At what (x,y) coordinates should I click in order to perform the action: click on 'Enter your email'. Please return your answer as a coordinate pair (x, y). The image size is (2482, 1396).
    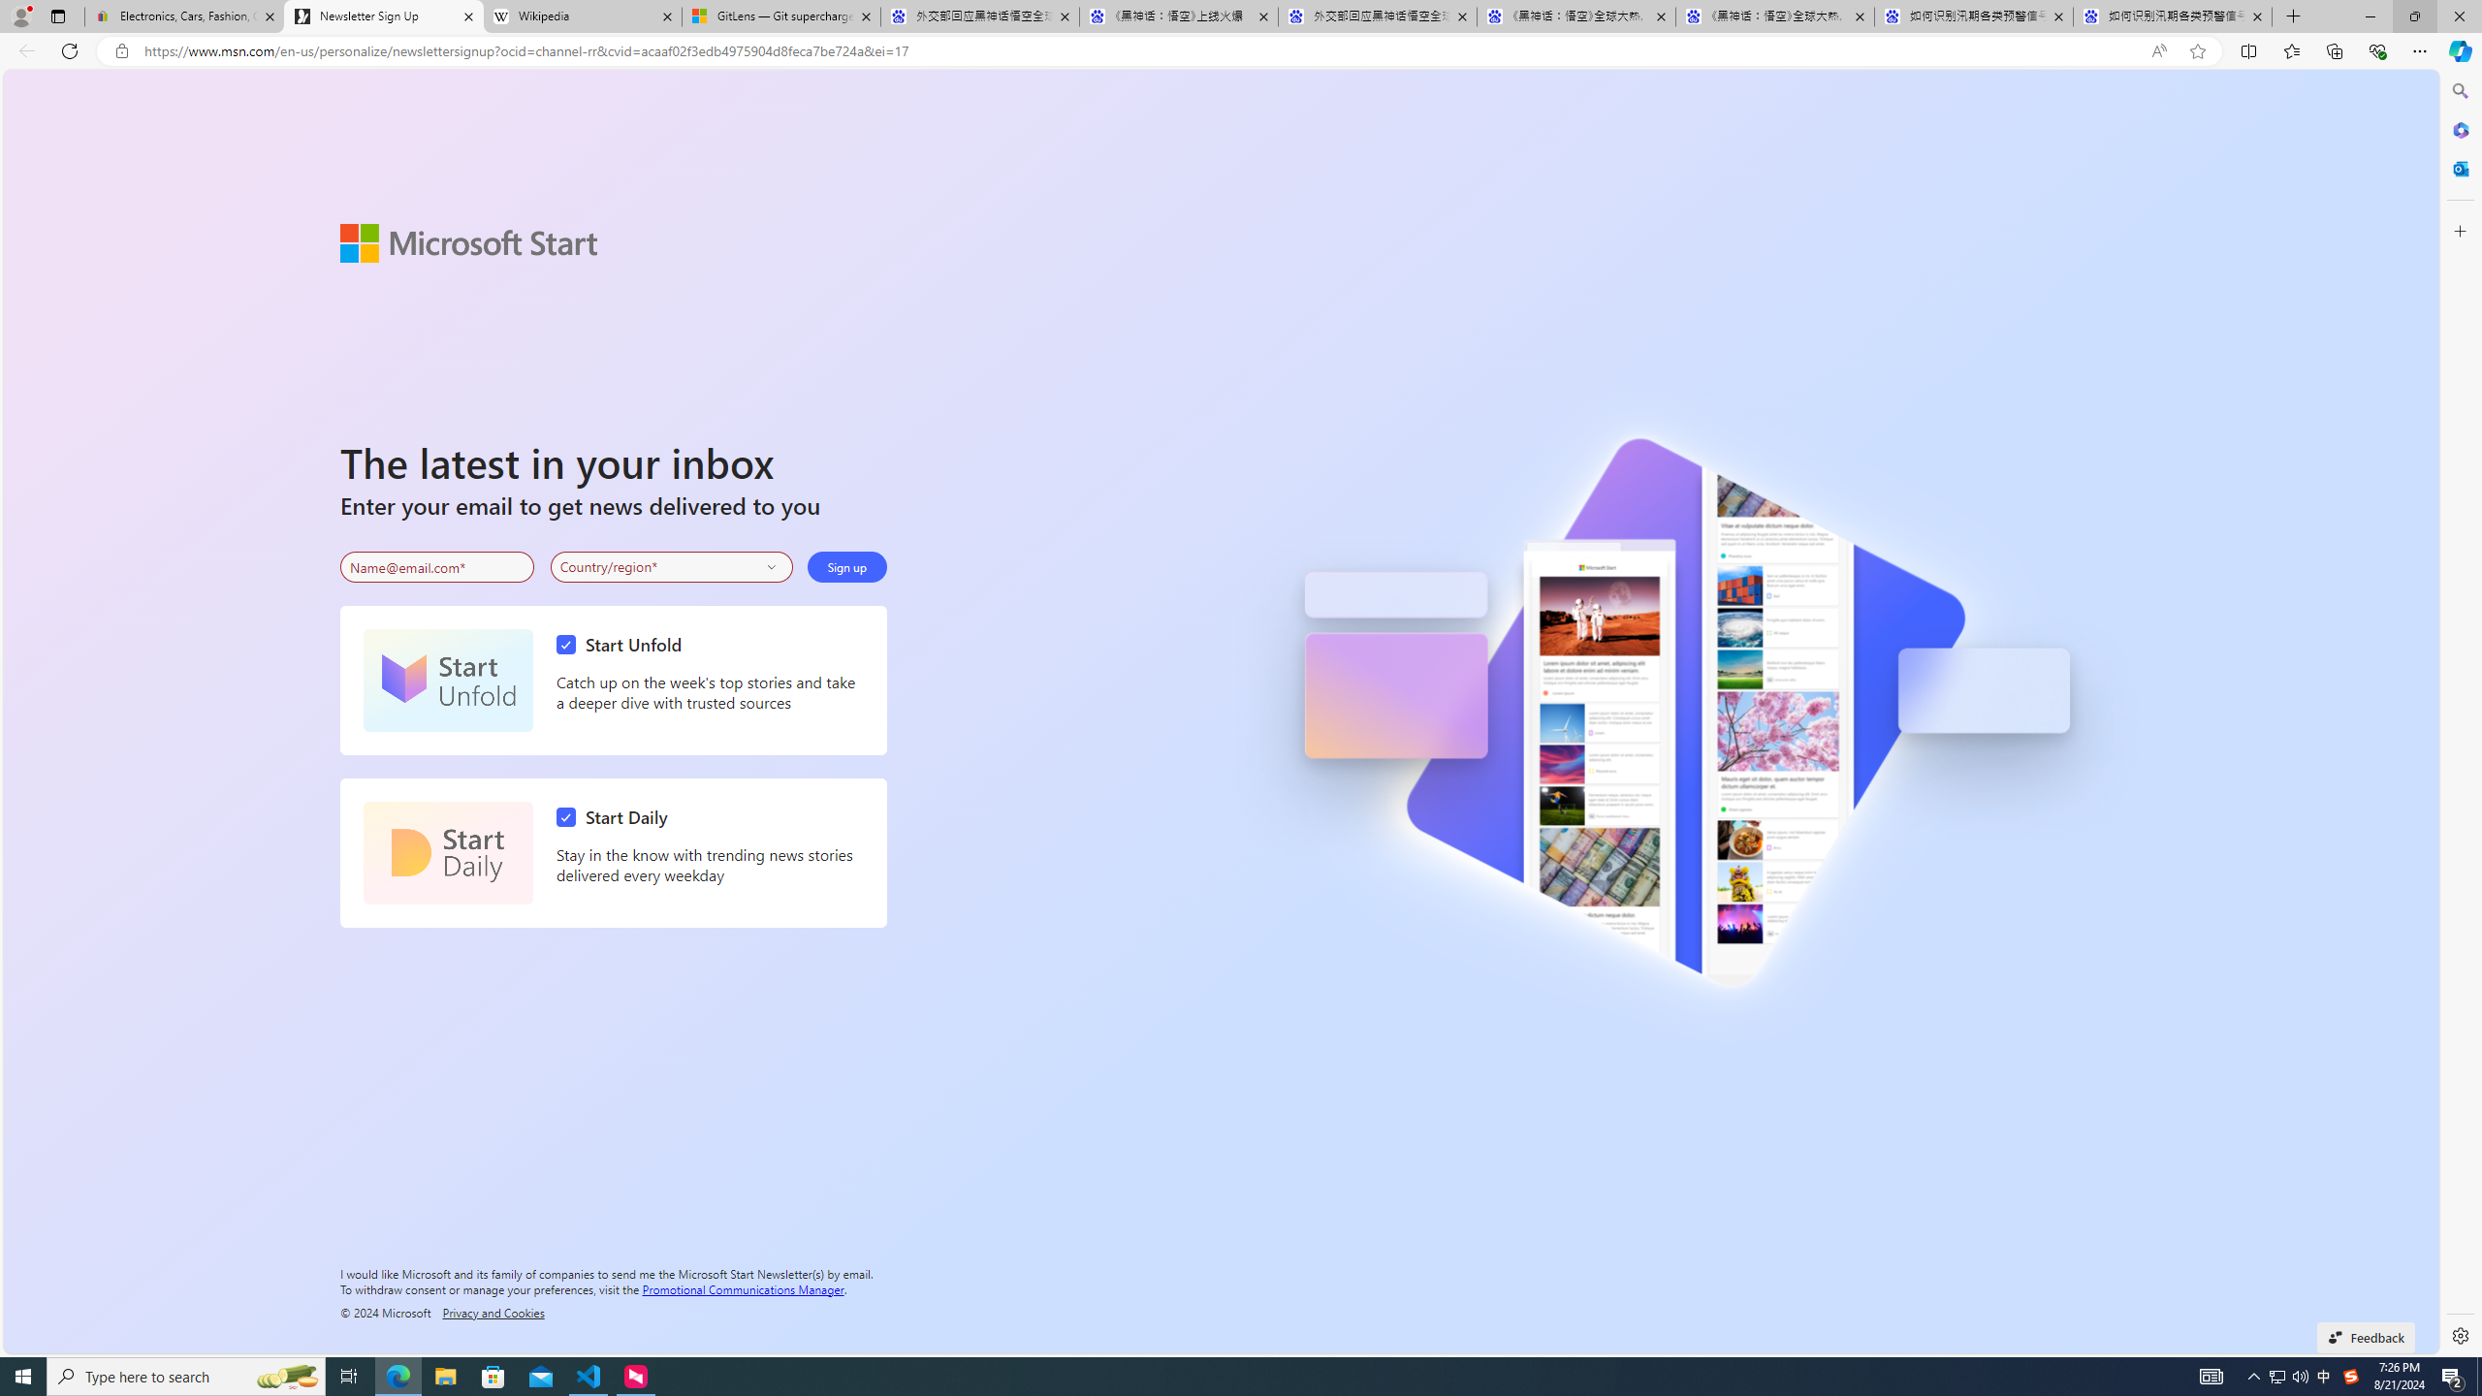
    Looking at the image, I should click on (435, 567).